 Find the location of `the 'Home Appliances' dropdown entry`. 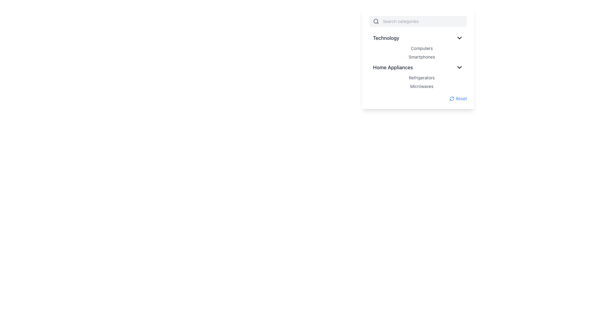

the 'Home Appliances' dropdown entry is located at coordinates (418, 67).